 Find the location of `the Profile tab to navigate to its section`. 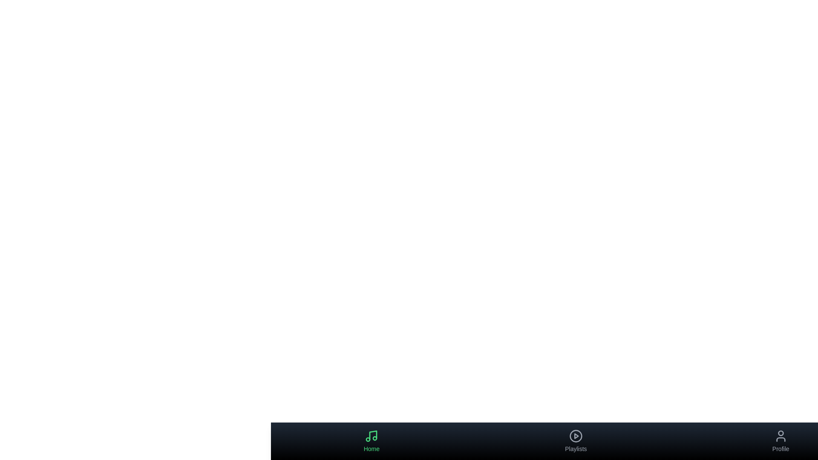

the Profile tab to navigate to its section is located at coordinates (781, 441).